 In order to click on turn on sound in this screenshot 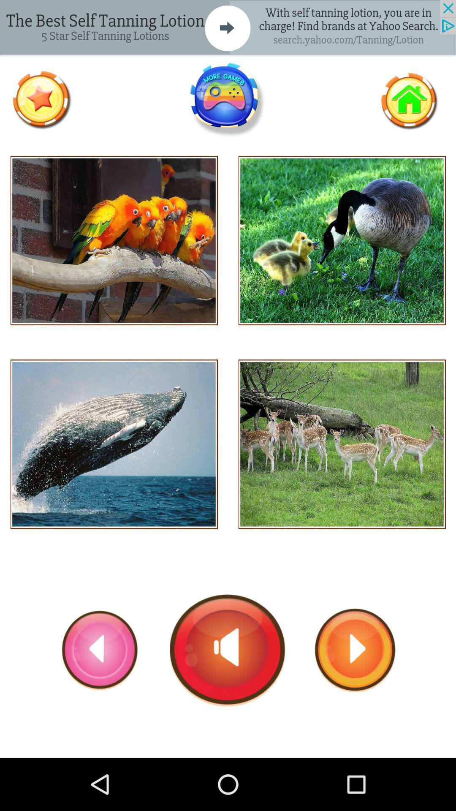, I will do `click(227, 650)`.